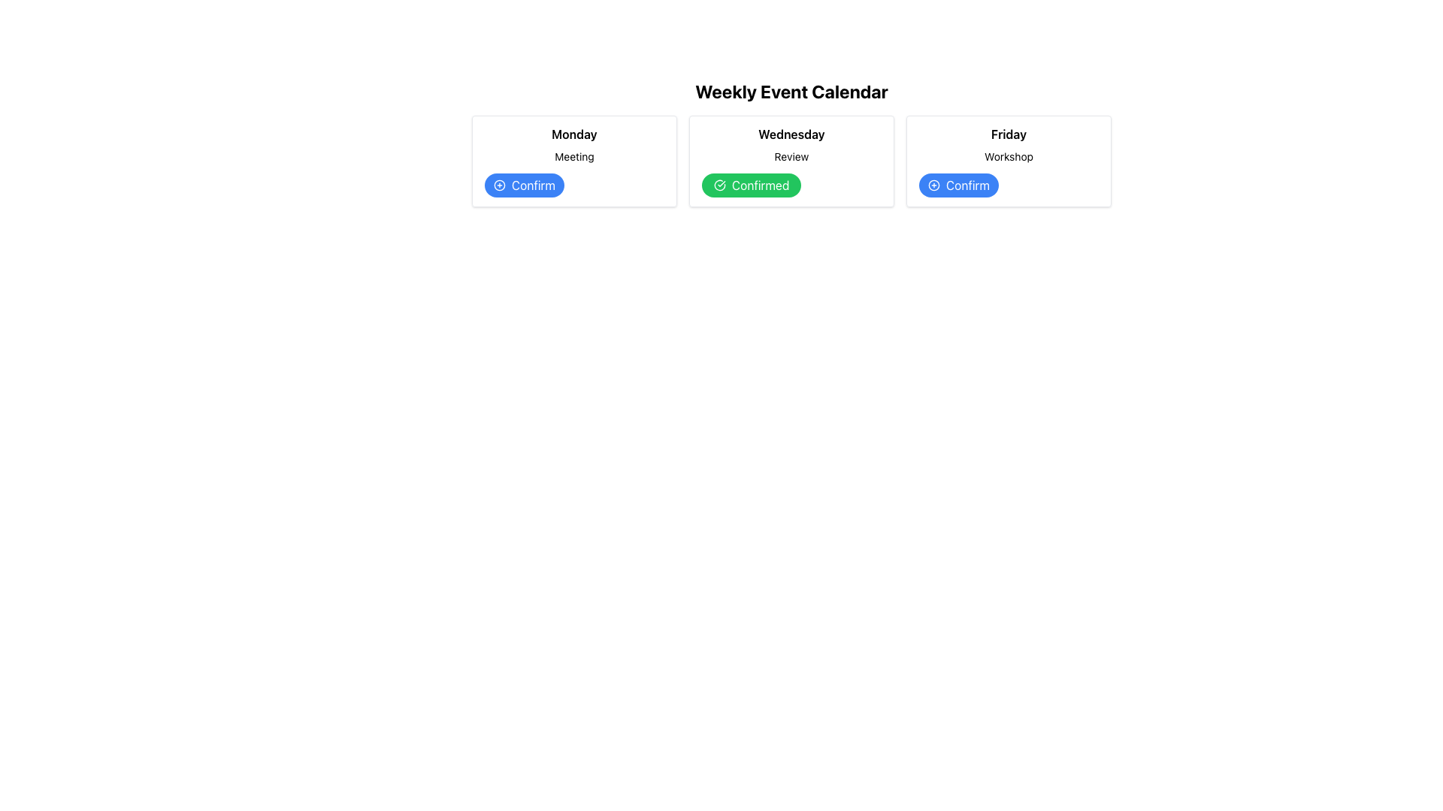 Image resolution: width=1443 pixels, height=811 pixels. Describe the element at coordinates (958, 184) in the screenshot. I see `the 'Confirm' button with rounded edges and blue background located in the 'Friday' event section to confirm the action` at that location.